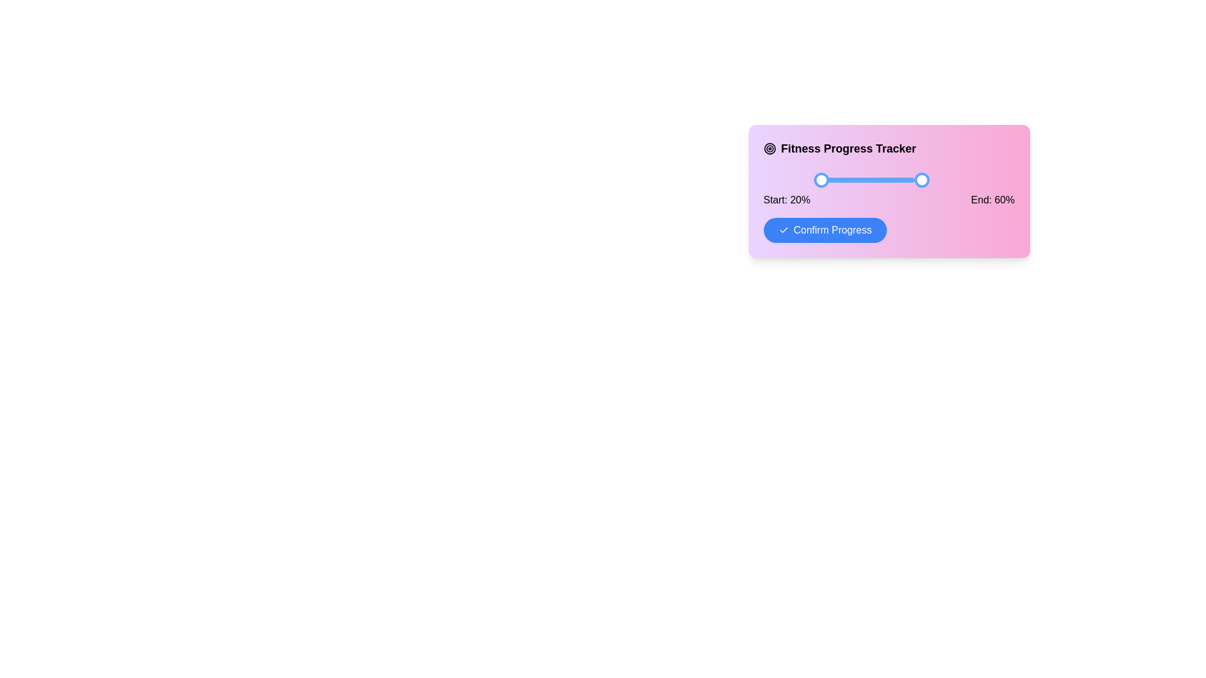  What do you see at coordinates (863, 180) in the screenshot?
I see `the Progress bar indicator located between two draggable handles of the slider, positioned above the text labels 'Start: 20%' and 'End: 60%'` at bounding box center [863, 180].